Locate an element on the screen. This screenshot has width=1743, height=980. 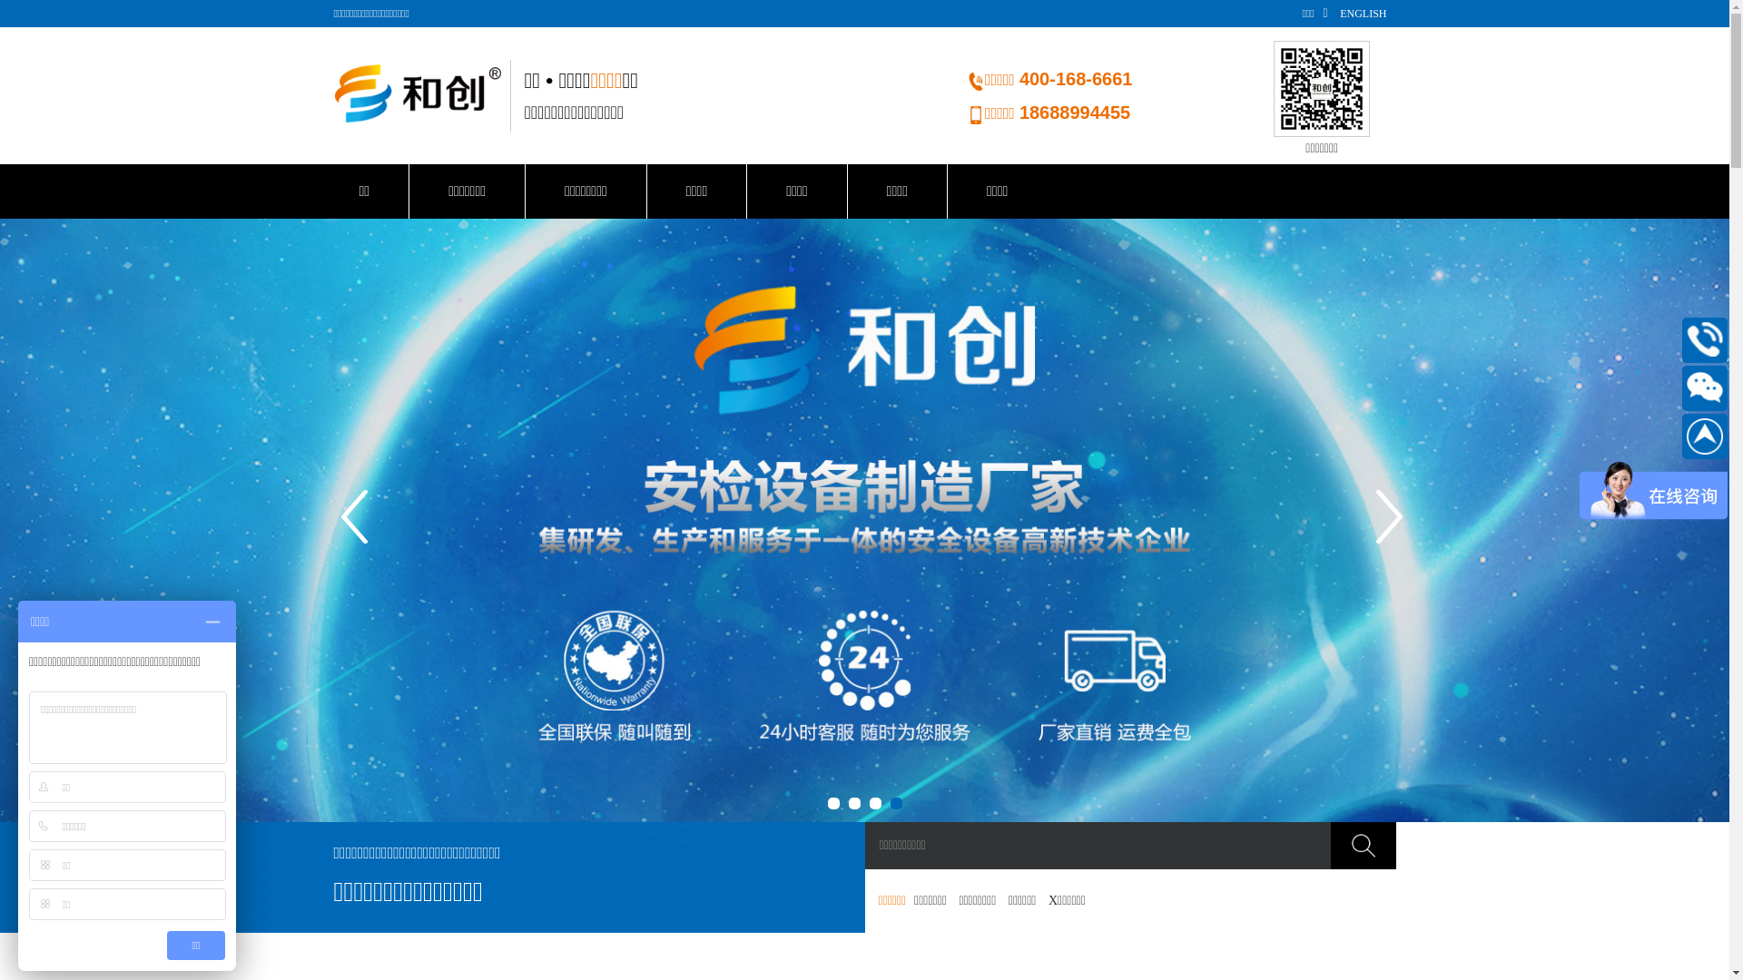
'Next' is located at coordinates (1389, 521).